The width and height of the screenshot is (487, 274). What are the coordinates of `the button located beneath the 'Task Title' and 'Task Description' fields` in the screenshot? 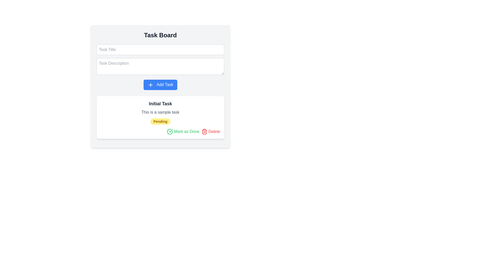 It's located at (160, 84).